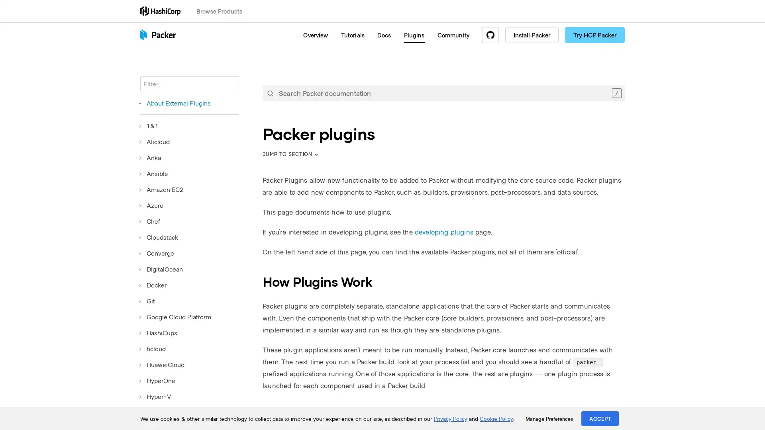  Describe the element at coordinates (175, 316) in the screenshot. I see `Google Cloud Platform` at that location.